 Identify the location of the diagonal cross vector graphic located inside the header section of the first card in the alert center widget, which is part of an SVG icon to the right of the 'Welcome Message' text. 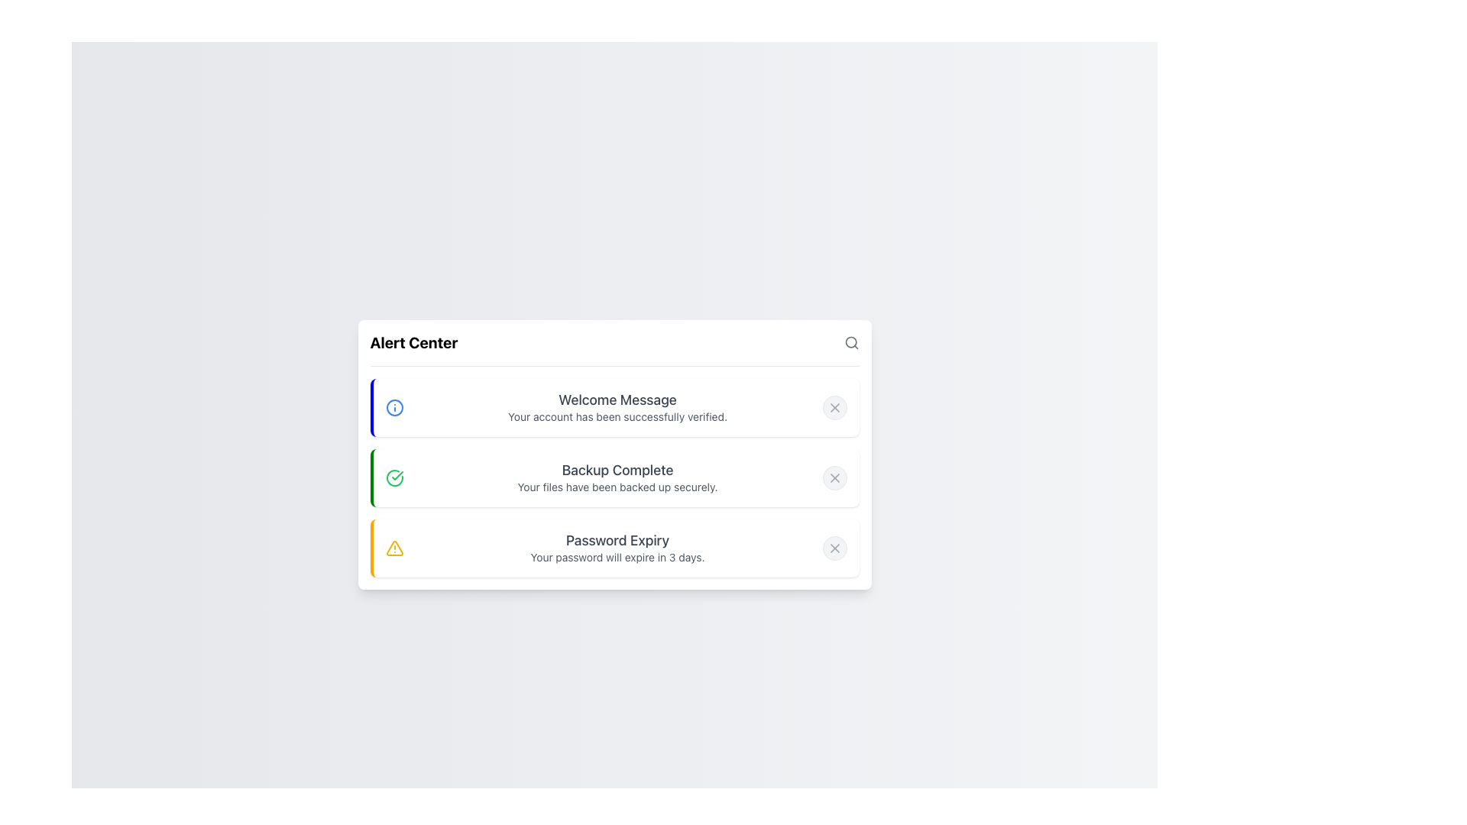
(834, 406).